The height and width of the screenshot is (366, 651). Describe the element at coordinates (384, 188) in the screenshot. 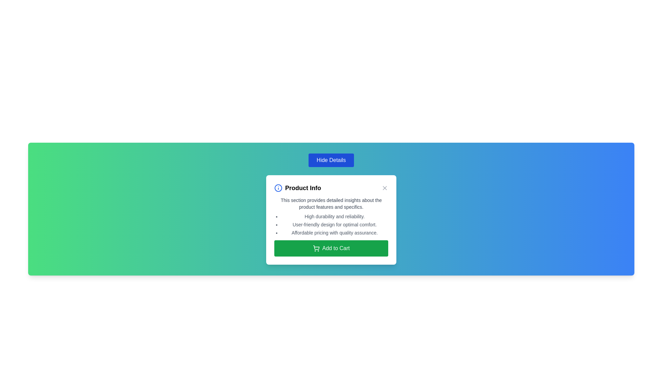

I see `the Close Icon located at the top-right corner of the 'Product Info' modal` at that location.